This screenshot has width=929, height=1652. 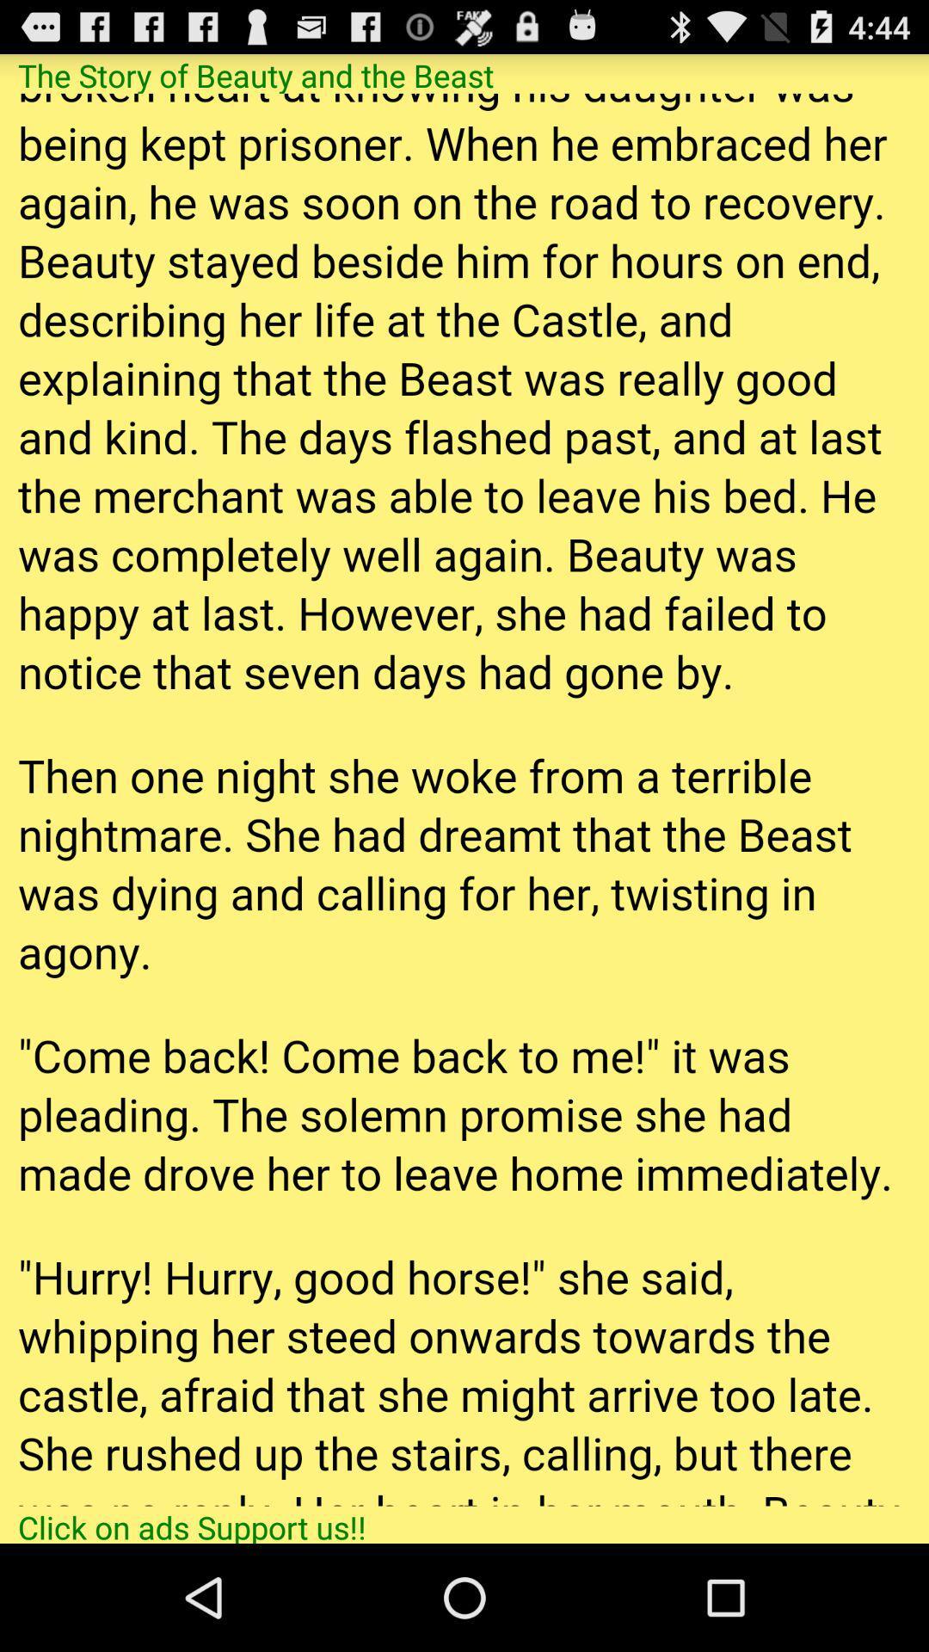 I want to click on advertisement page, so click(x=464, y=798).